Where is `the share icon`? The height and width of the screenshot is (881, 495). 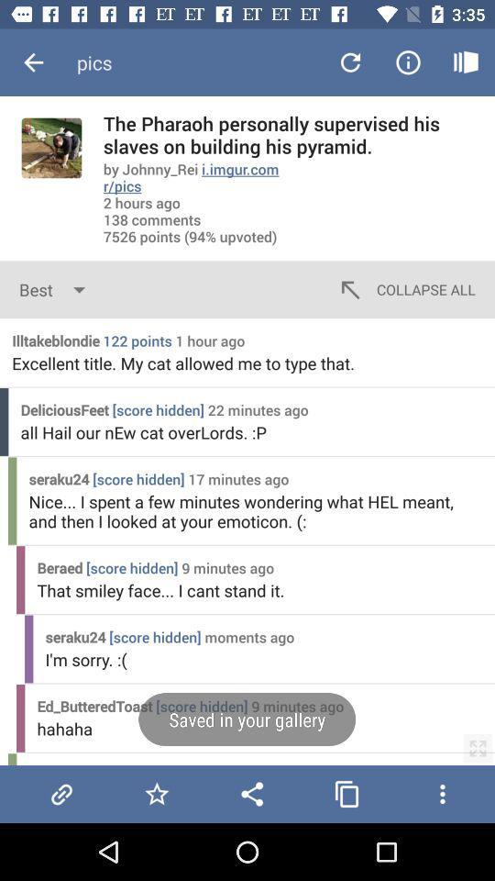 the share icon is located at coordinates (251, 793).